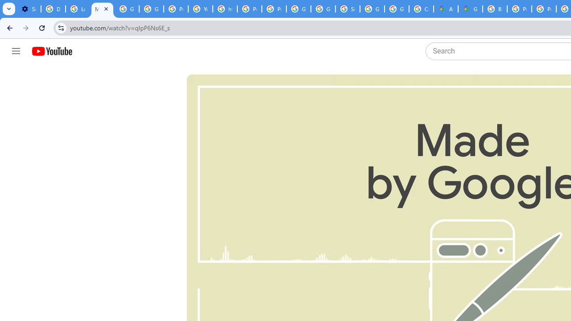 The height and width of the screenshot is (321, 571). Describe the element at coordinates (126, 9) in the screenshot. I see `'Google Account Help'` at that location.